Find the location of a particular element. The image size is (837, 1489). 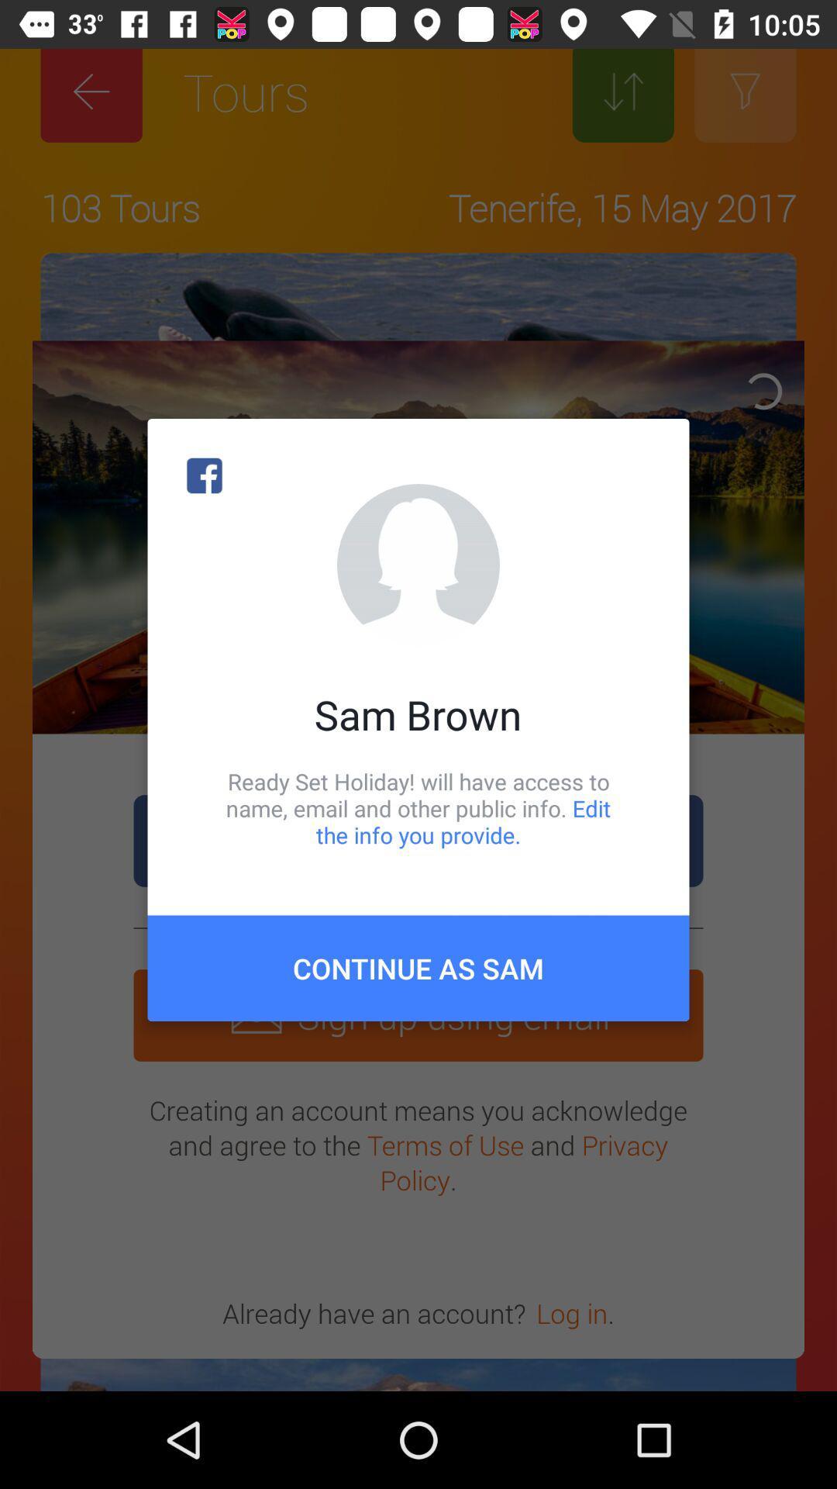

the item below the ready set holiday item is located at coordinates (418, 967).